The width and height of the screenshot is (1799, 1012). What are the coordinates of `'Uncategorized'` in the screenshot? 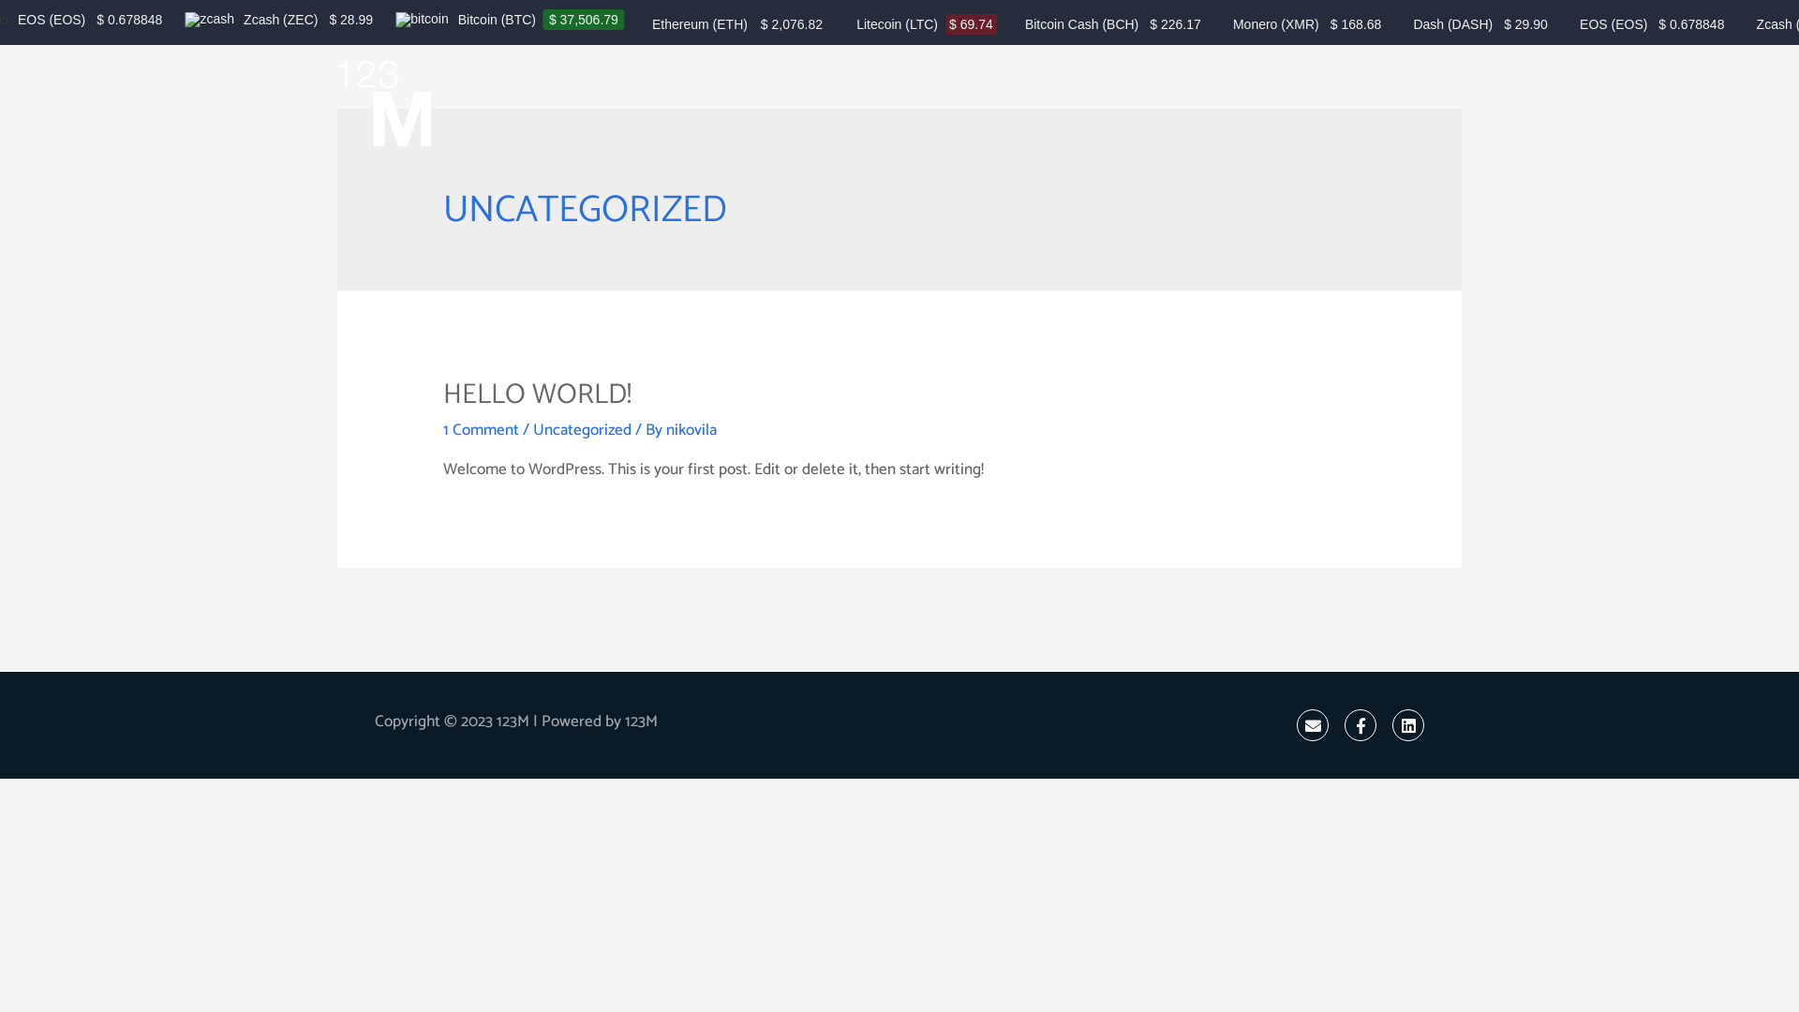 It's located at (581, 430).